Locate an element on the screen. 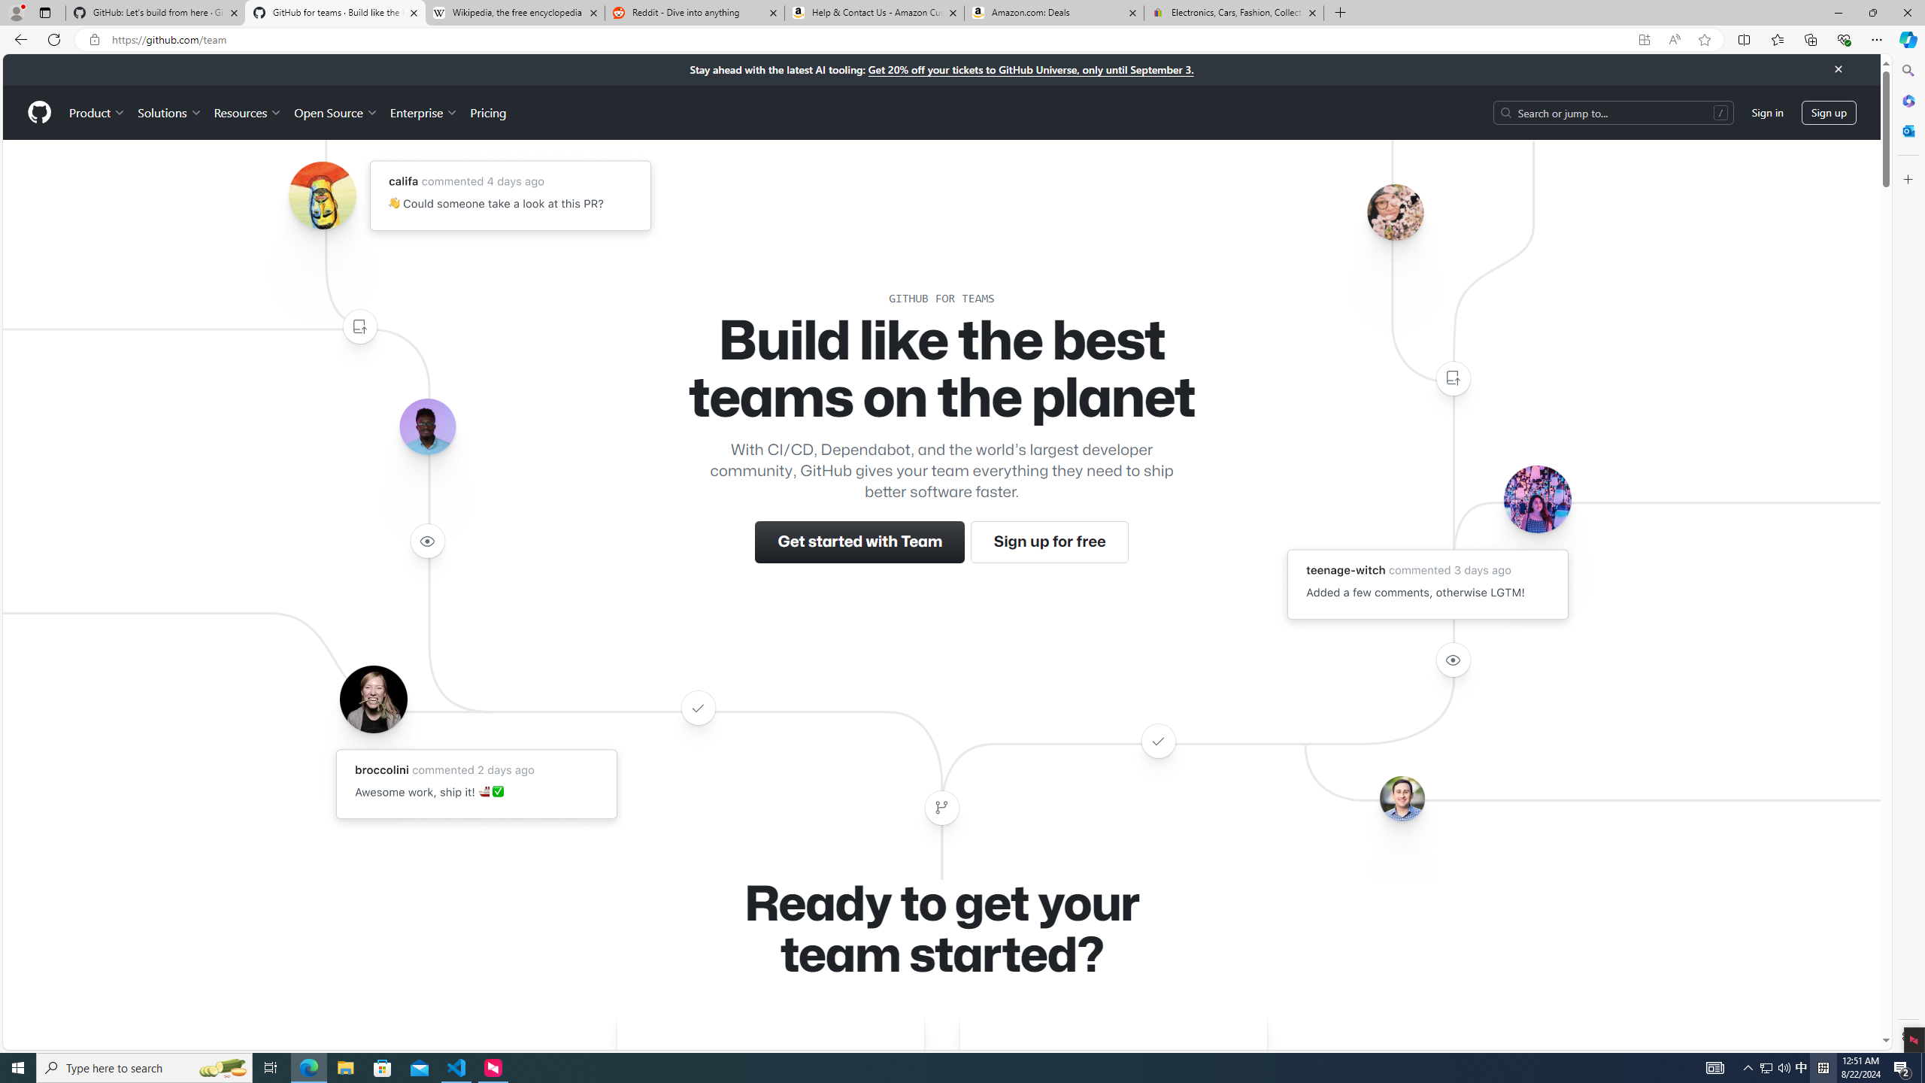  'Get started with Team' is located at coordinates (860, 541).